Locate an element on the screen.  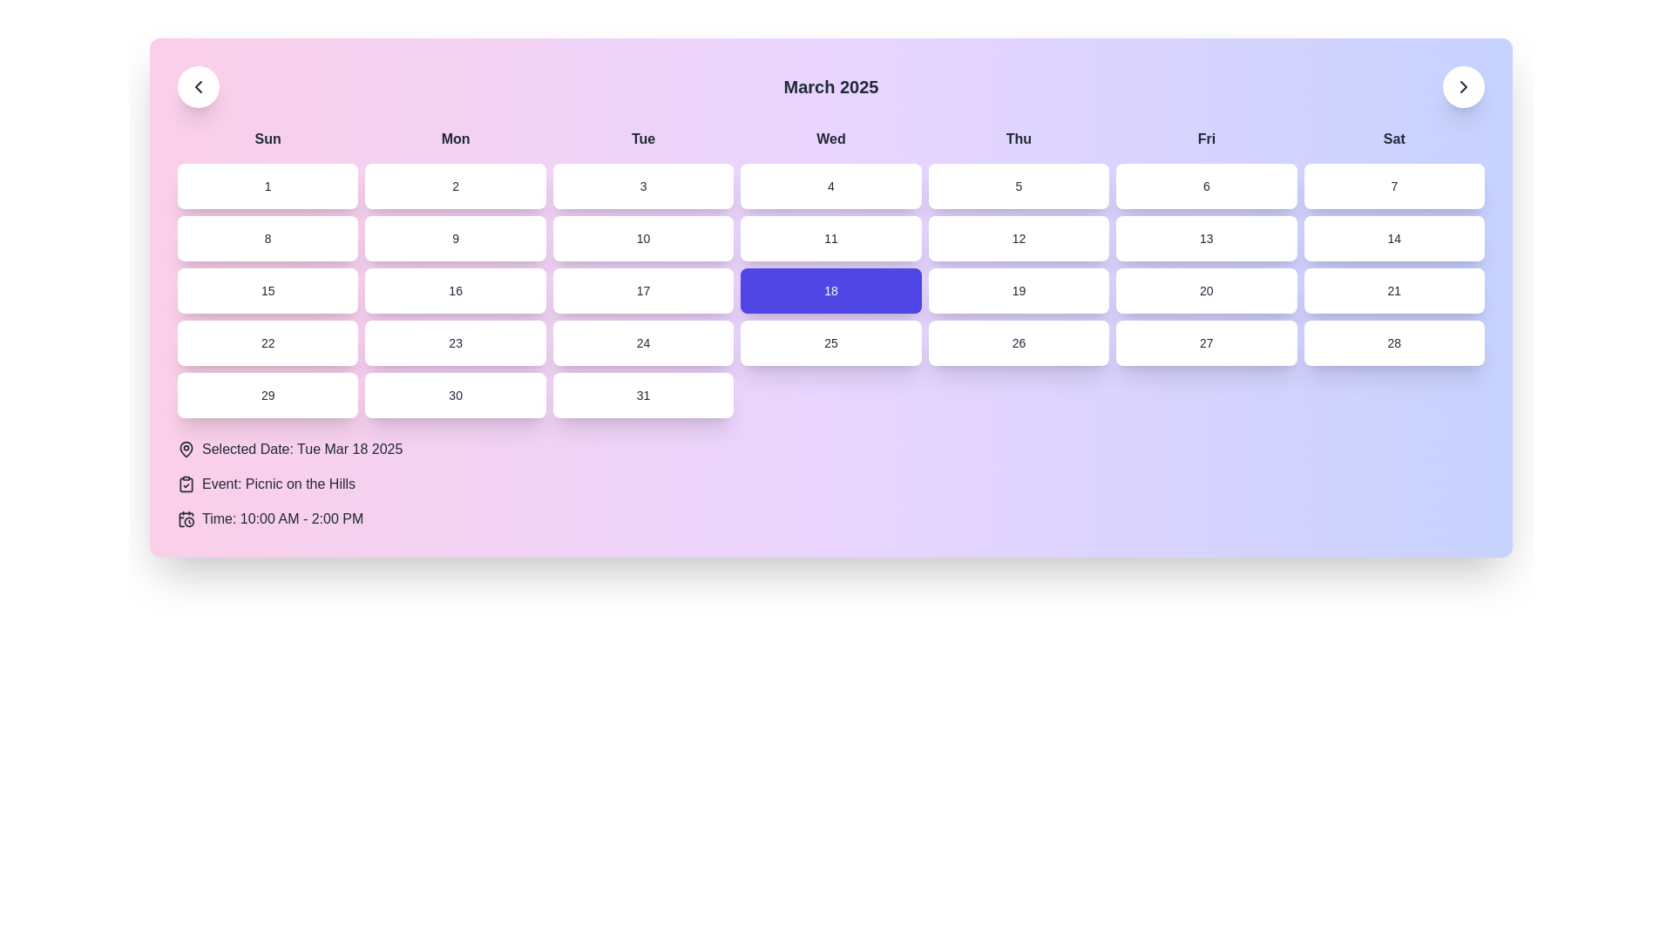
the clickable calendar date cell located in the second row and the last column to change its background color is located at coordinates (1394, 238).